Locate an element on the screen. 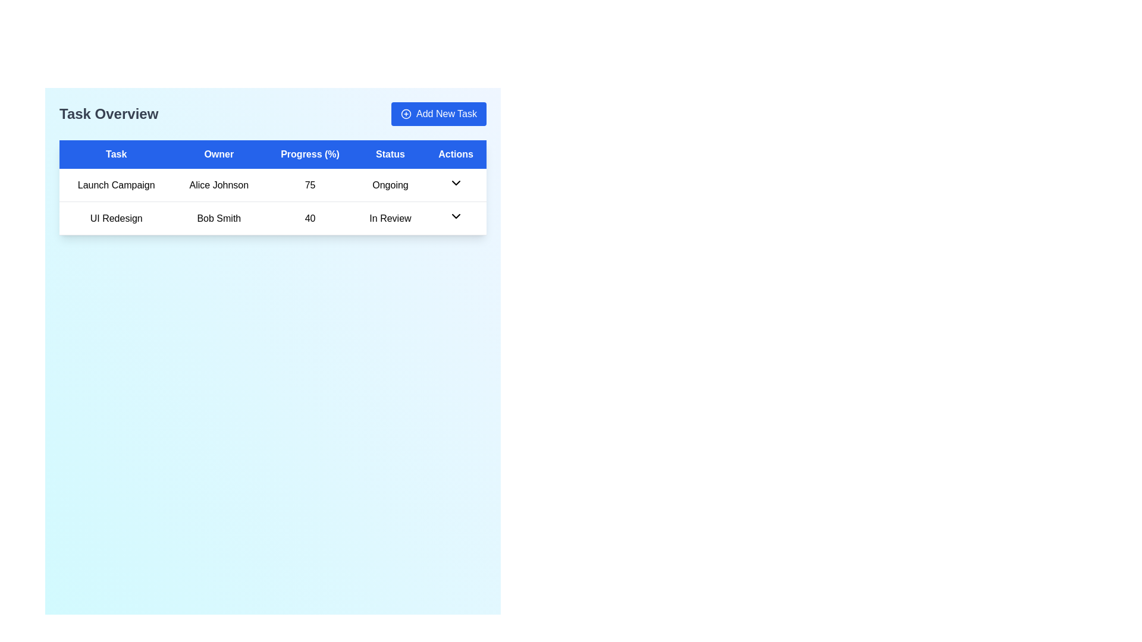  the first row of the task management table, which contains the columns: 'Launch Campaign', 'Alice Johnson', '75', 'Ongoing' is located at coordinates (272, 185).